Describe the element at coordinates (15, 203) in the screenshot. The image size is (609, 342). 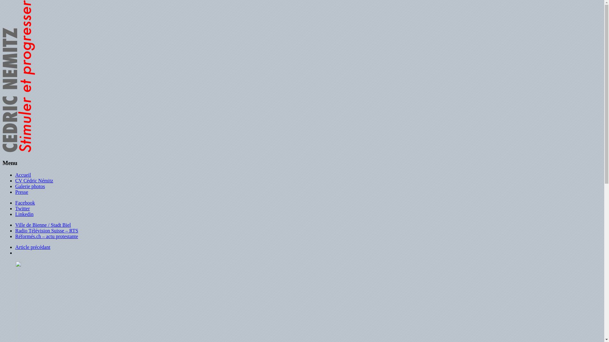
I see `'Facebook'` at that location.